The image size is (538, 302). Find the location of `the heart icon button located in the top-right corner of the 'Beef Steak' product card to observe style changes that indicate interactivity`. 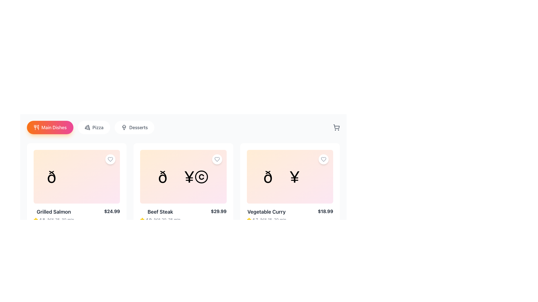

the heart icon button located in the top-right corner of the 'Beef Steak' product card to observe style changes that indicate interactivity is located at coordinates (217, 159).